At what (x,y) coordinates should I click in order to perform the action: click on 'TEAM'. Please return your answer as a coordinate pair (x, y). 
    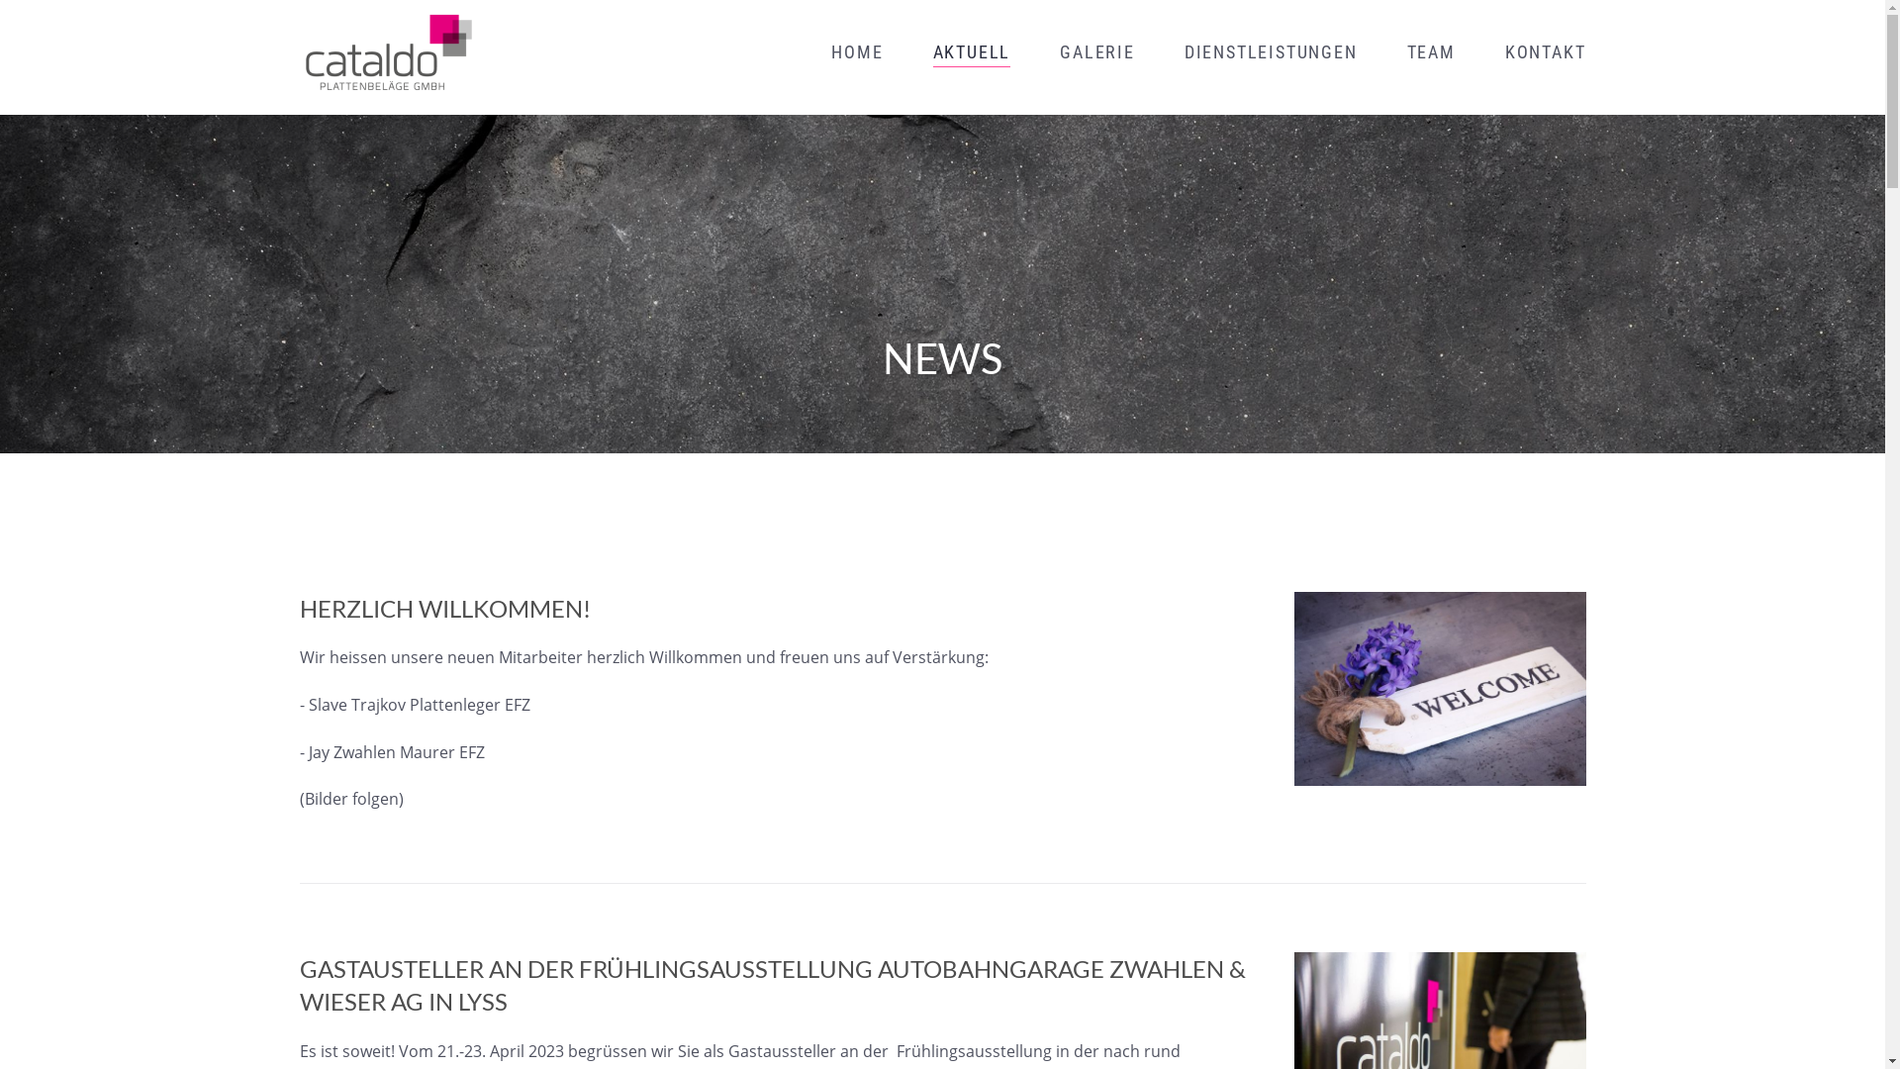
    Looking at the image, I should click on (1431, 51).